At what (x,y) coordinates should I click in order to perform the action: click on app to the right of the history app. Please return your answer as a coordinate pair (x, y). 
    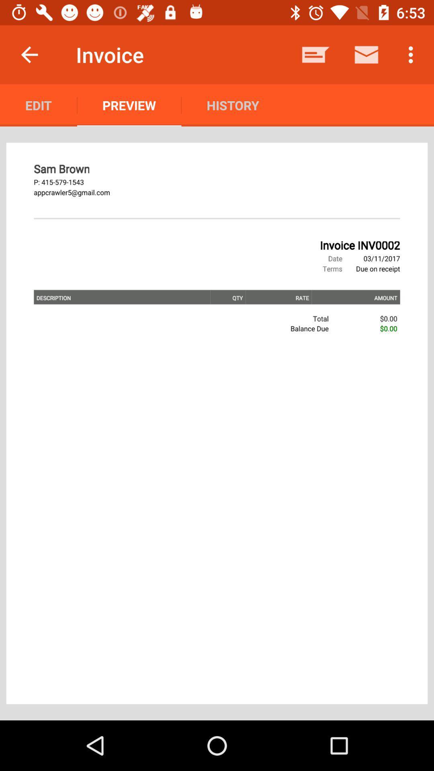
    Looking at the image, I should click on (315, 54).